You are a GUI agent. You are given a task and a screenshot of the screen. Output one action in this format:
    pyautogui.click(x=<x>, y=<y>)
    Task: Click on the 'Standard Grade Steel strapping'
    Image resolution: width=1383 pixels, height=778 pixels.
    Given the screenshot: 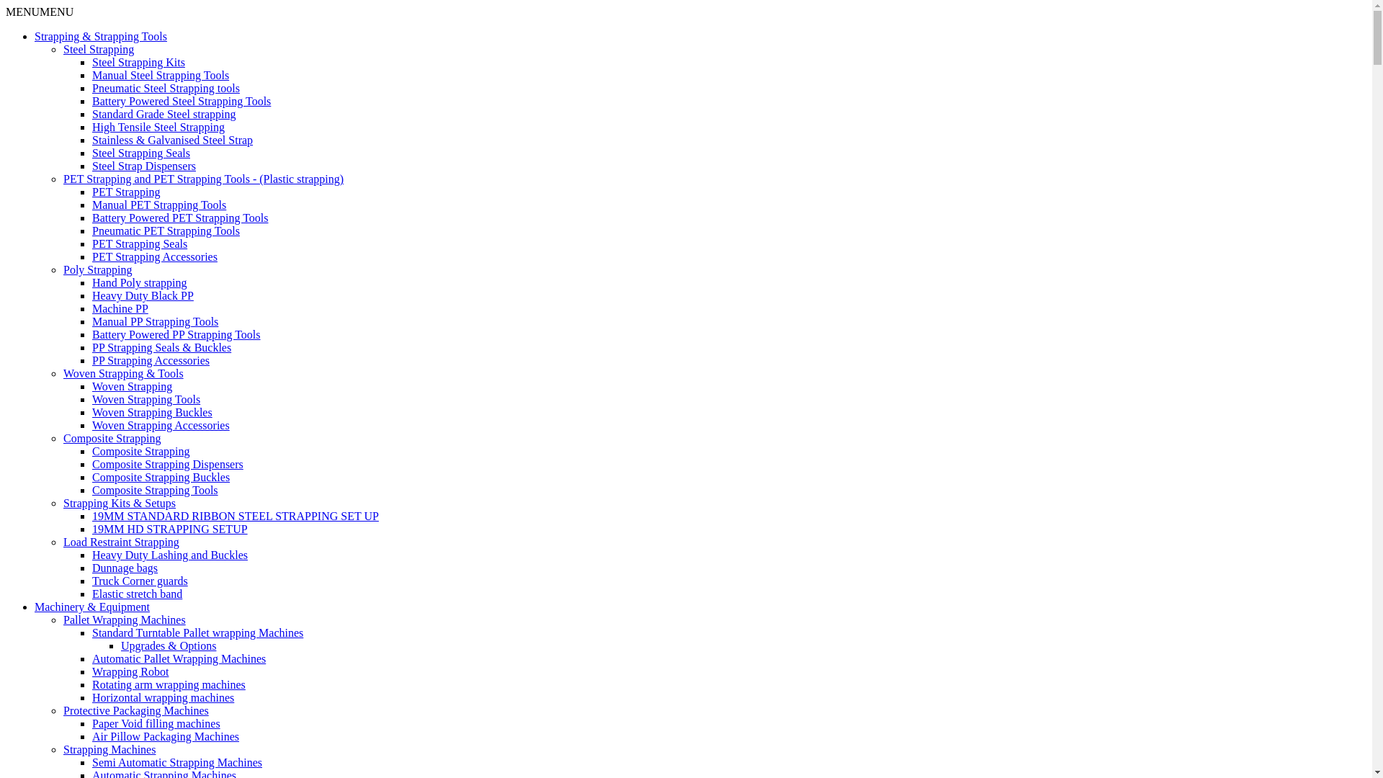 What is the action you would take?
    pyautogui.click(x=164, y=113)
    